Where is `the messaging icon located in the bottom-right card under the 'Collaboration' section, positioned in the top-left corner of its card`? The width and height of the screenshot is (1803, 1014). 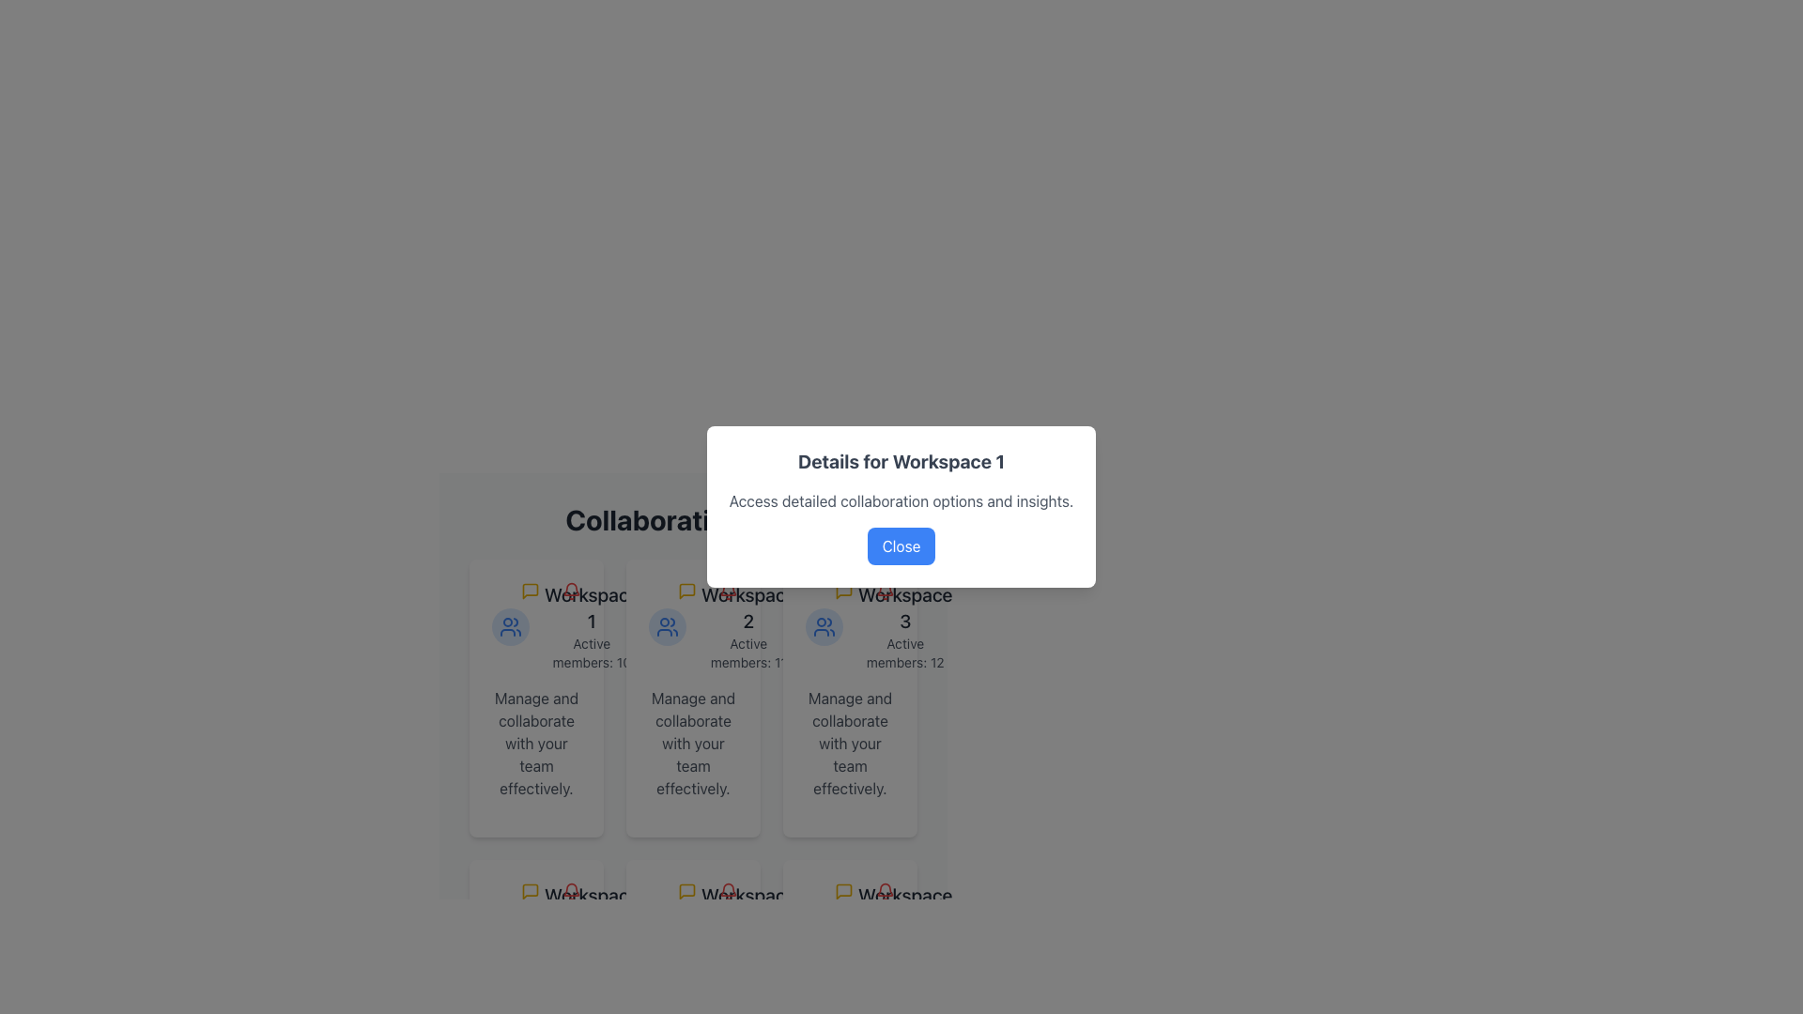
the messaging icon located in the bottom-right card under the 'Collaboration' section, positioned in the top-left corner of its card is located at coordinates (842, 890).